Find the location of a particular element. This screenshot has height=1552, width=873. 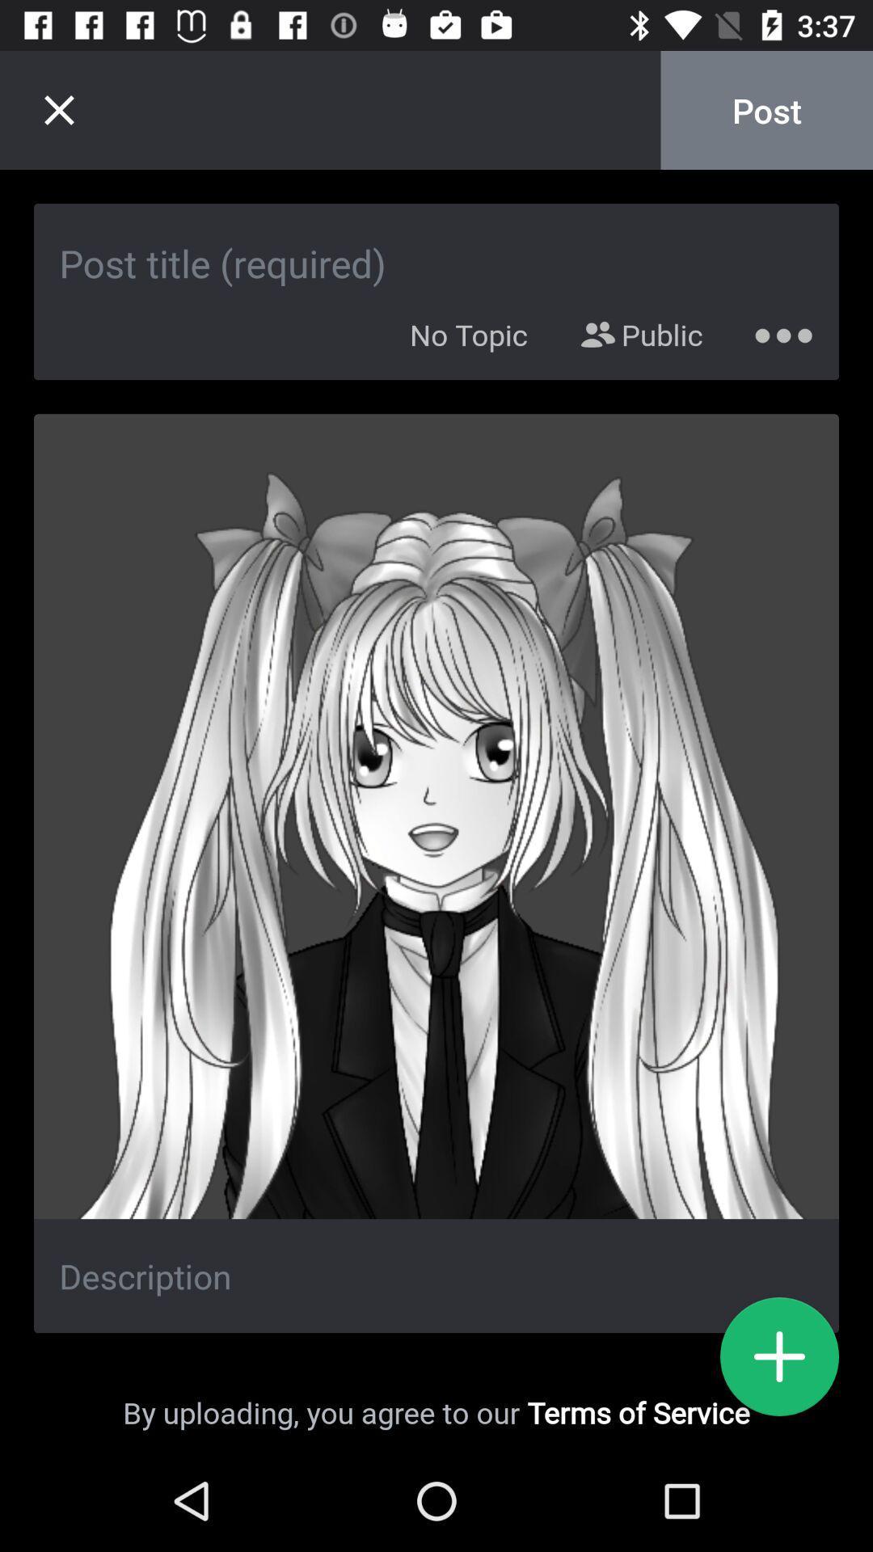

read the terms of service is located at coordinates (778, 1356).